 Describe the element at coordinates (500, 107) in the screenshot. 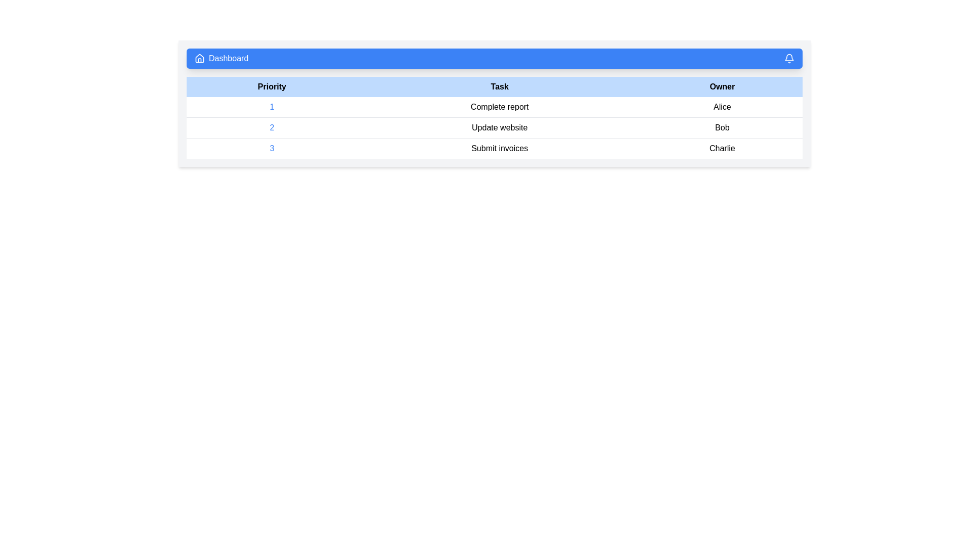

I see `the text label displaying 'Complete report' located in the 'Task' column of the first row under 'Priority' 1 and 'Owner' Alice` at that location.